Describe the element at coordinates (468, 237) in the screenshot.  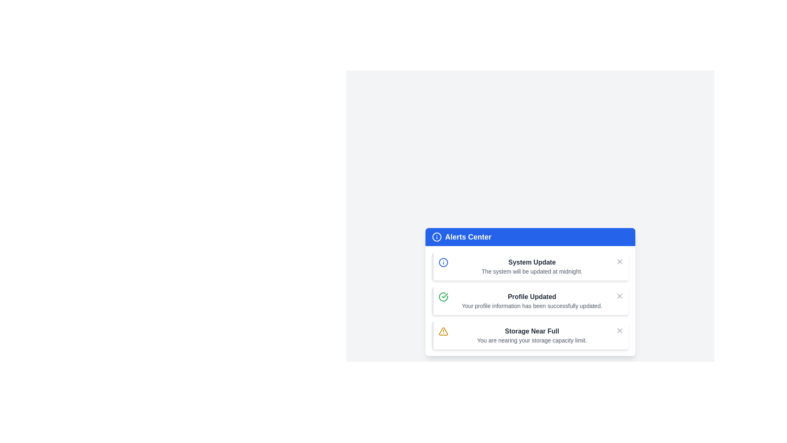
I see `the text label at the top of the alerts panel, which serves as the title or header for this section, indicating its purpose to the user` at that location.